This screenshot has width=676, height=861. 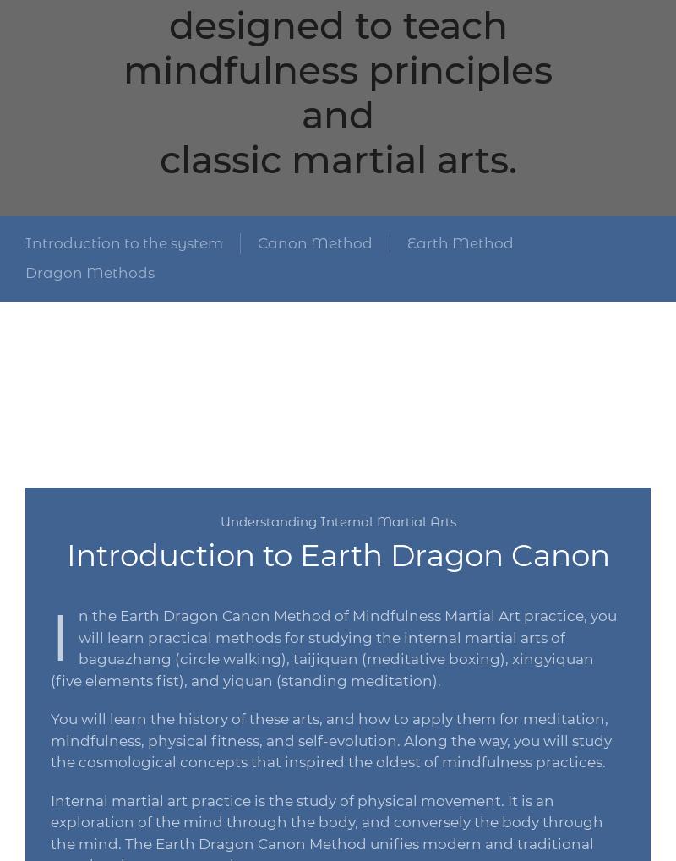 What do you see at coordinates (338, 90) in the screenshot?
I see `'mindfulness principles and'` at bounding box center [338, 90].